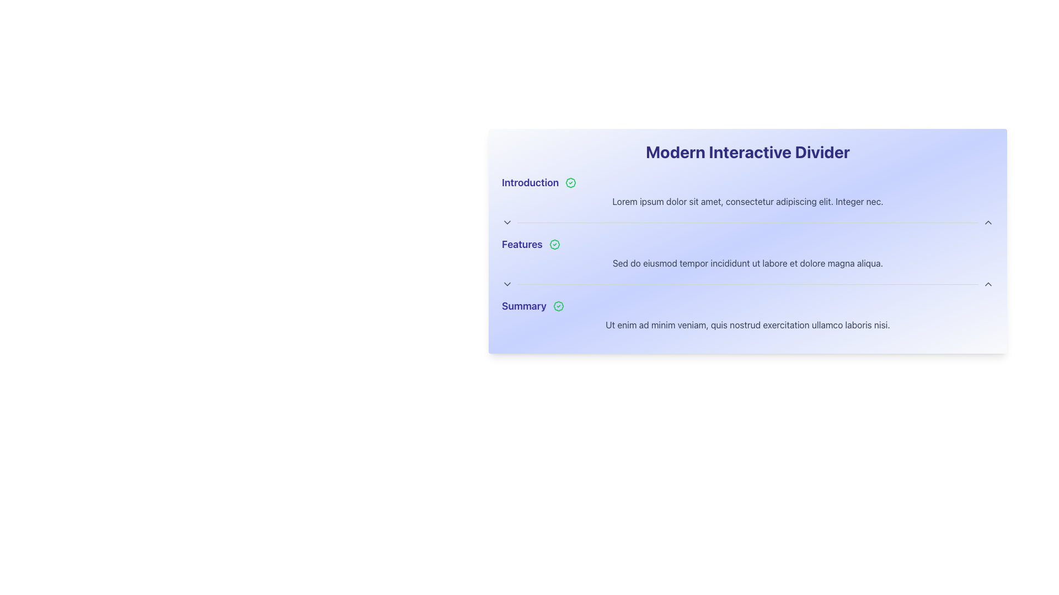 This screenshot has width=1059, height=595. I want to click on the downward-pointing chevron icon button, which serves as a collapsible indicator, so click(507, 284).